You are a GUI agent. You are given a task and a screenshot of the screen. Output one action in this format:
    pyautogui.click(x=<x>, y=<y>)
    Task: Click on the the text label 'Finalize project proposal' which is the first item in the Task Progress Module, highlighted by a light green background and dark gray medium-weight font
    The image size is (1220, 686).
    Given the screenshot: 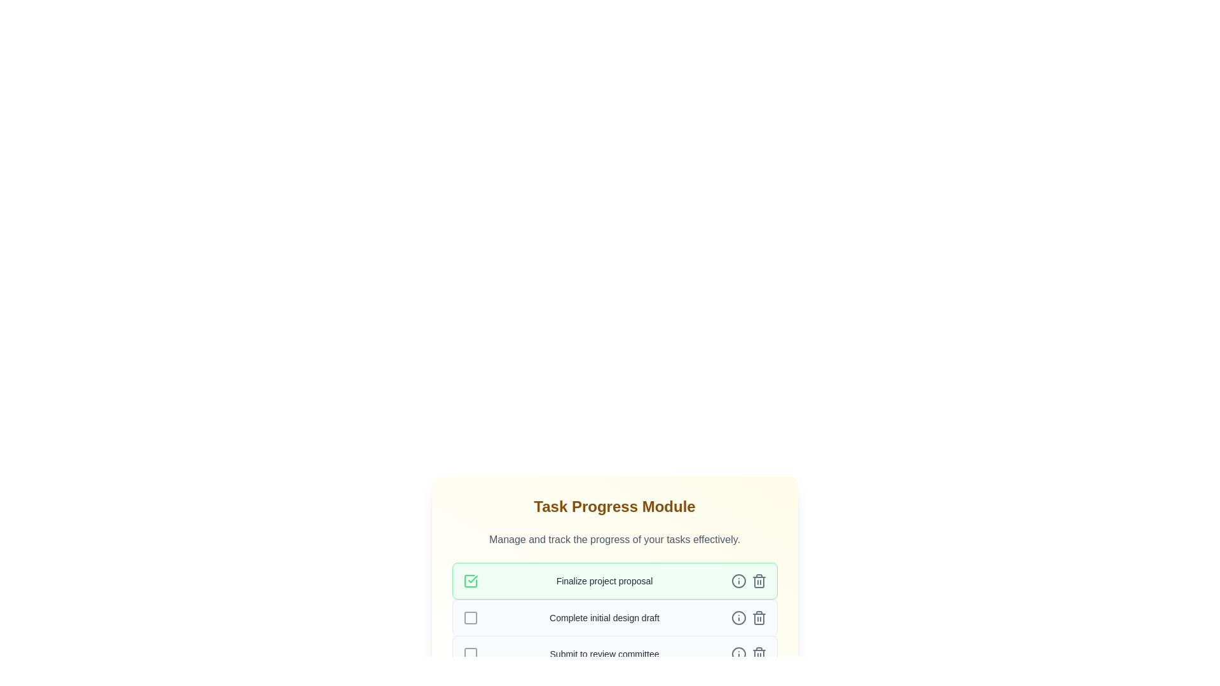 What is the action you would take?
    pyautogui.click(x=604, y=581)
    